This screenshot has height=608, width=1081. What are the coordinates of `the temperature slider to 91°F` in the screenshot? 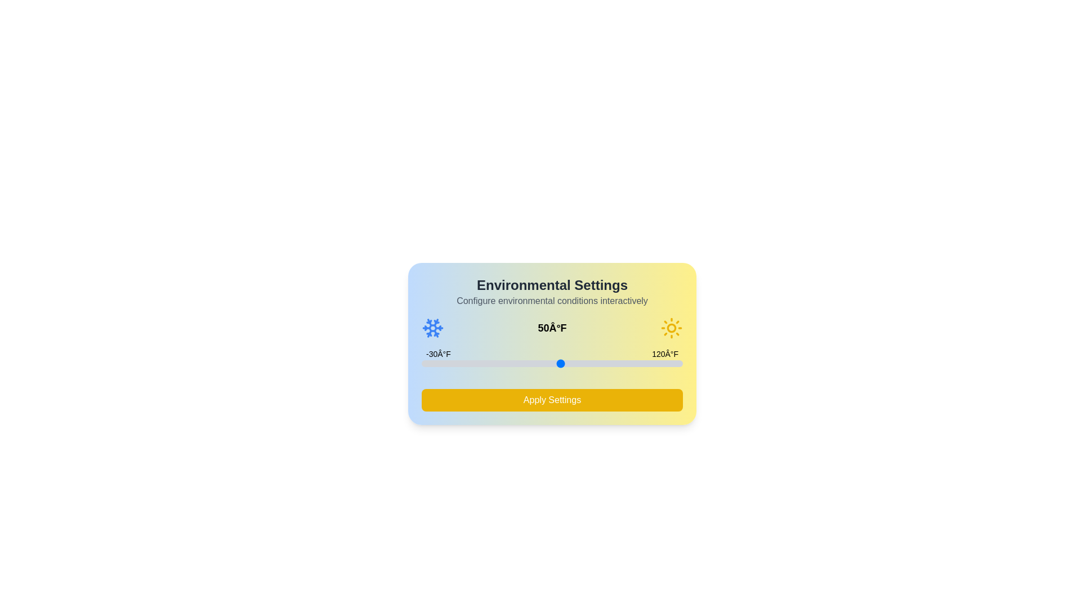 It's located at (632, 363).